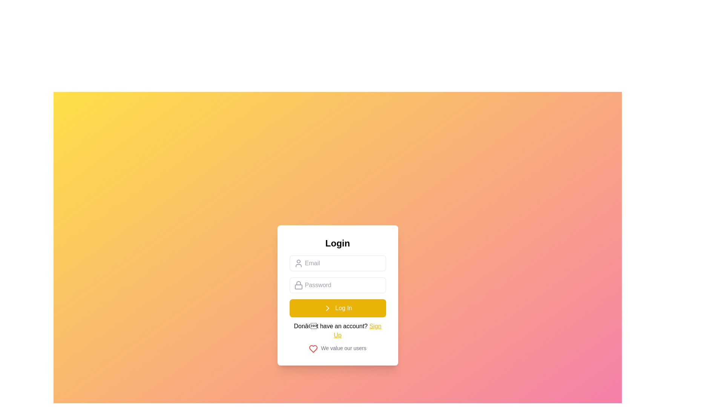 This screenshot has width=724, height=407. Describe the element at coordinates (328, 308) in the screenshot. I see `the 'Log In' button which contains the SVG graphic icon on its left side to proceed to the next step` at that location.